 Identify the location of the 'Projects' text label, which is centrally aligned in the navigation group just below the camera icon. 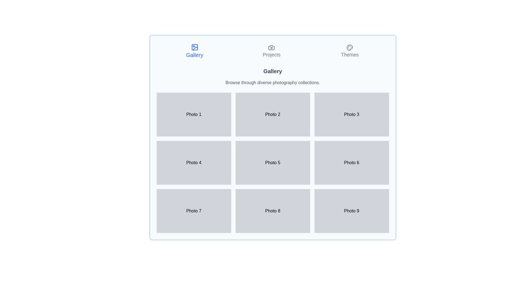
(271, 55).